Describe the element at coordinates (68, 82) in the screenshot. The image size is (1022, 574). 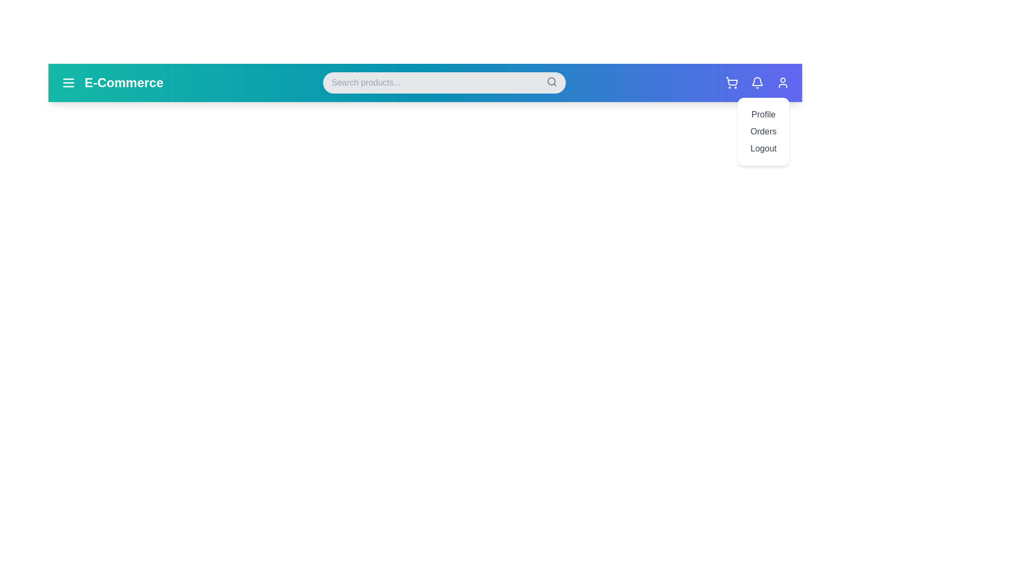
I see `the navigation menu icon to toggle the menu` at that location.